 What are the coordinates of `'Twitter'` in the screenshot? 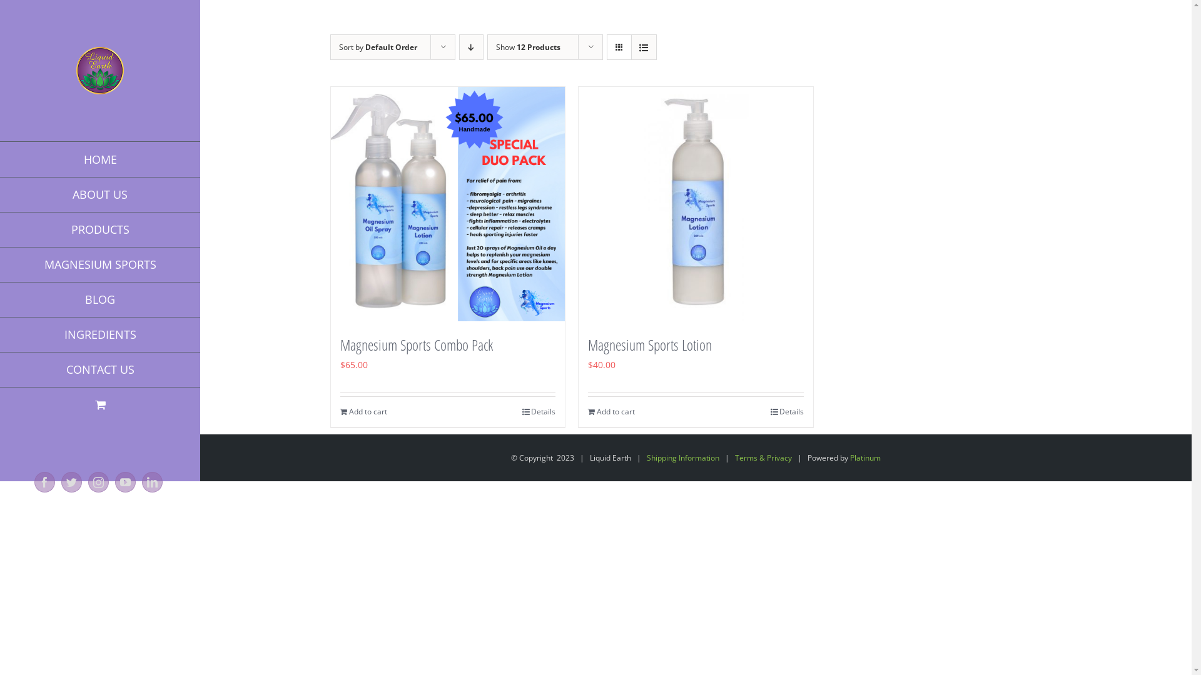 It's located at (71, 481).